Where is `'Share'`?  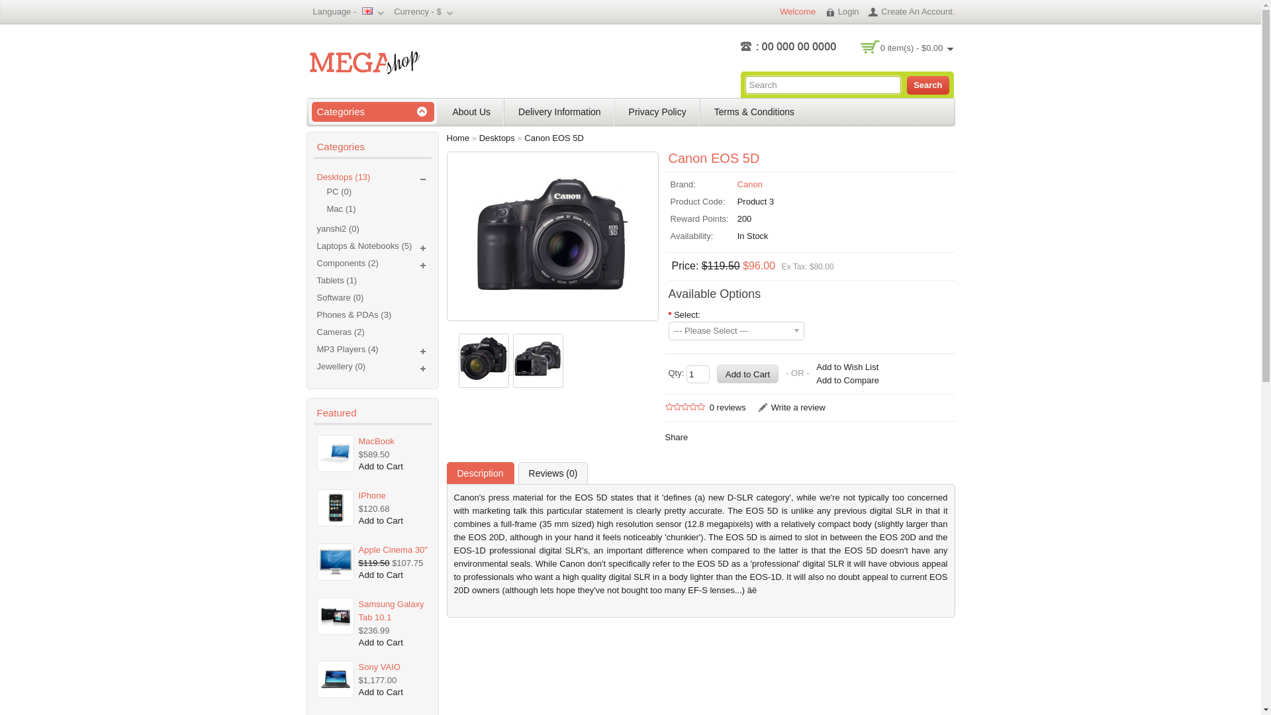 'Share' is located at coordinates (676, 437).